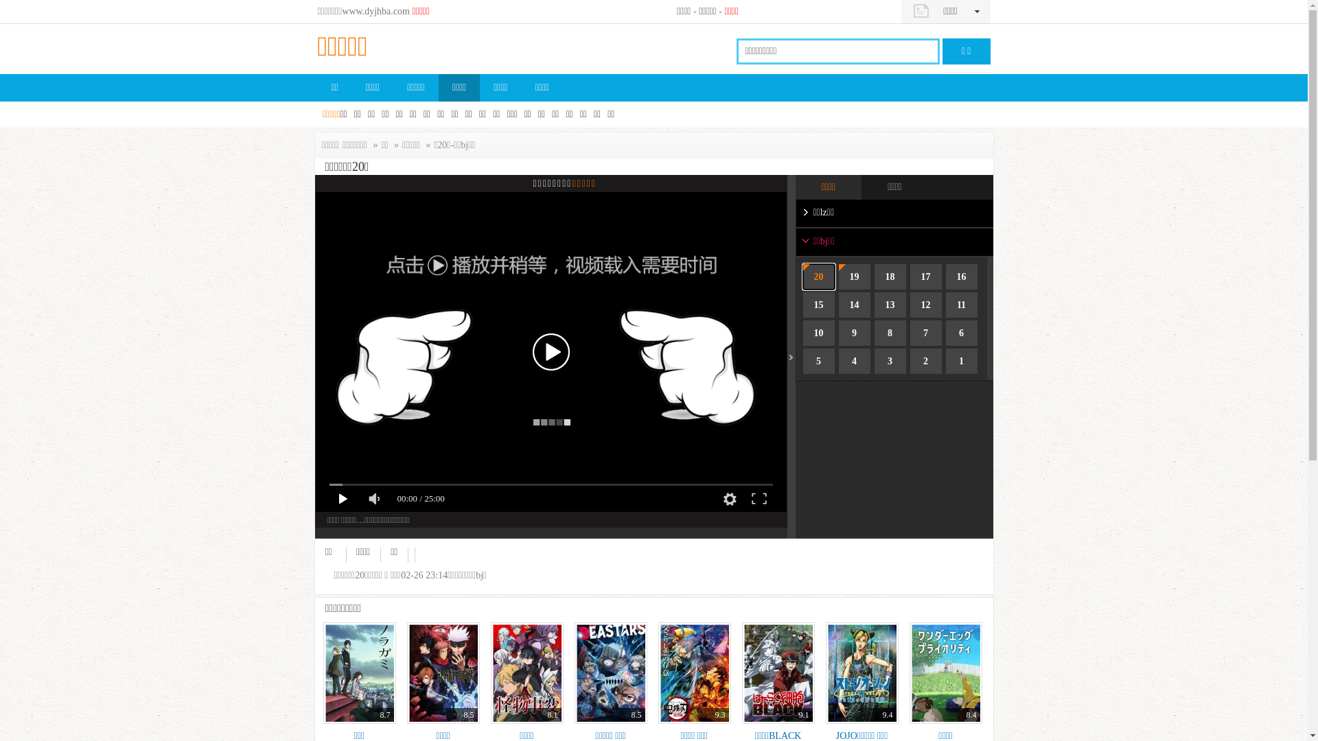 This screenshot has height=741, width=1318. I want to click on '8.4', so click(909, 672).